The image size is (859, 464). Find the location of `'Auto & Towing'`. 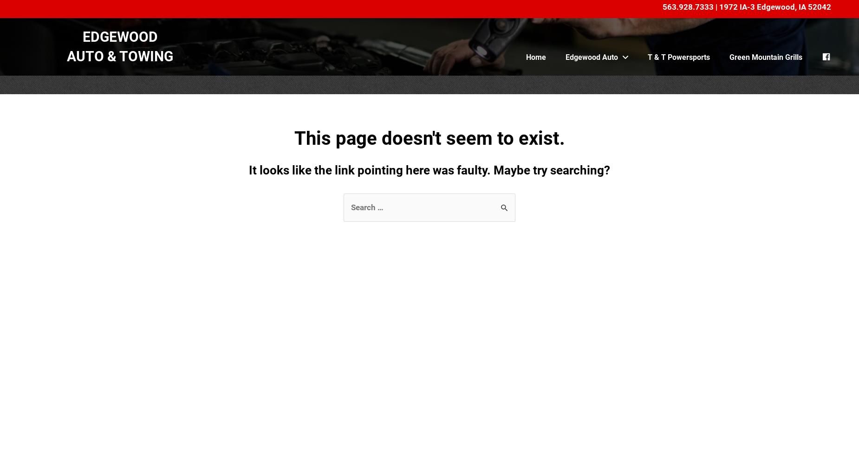

'Auto & Towing' is located at coordinates (119, 55).